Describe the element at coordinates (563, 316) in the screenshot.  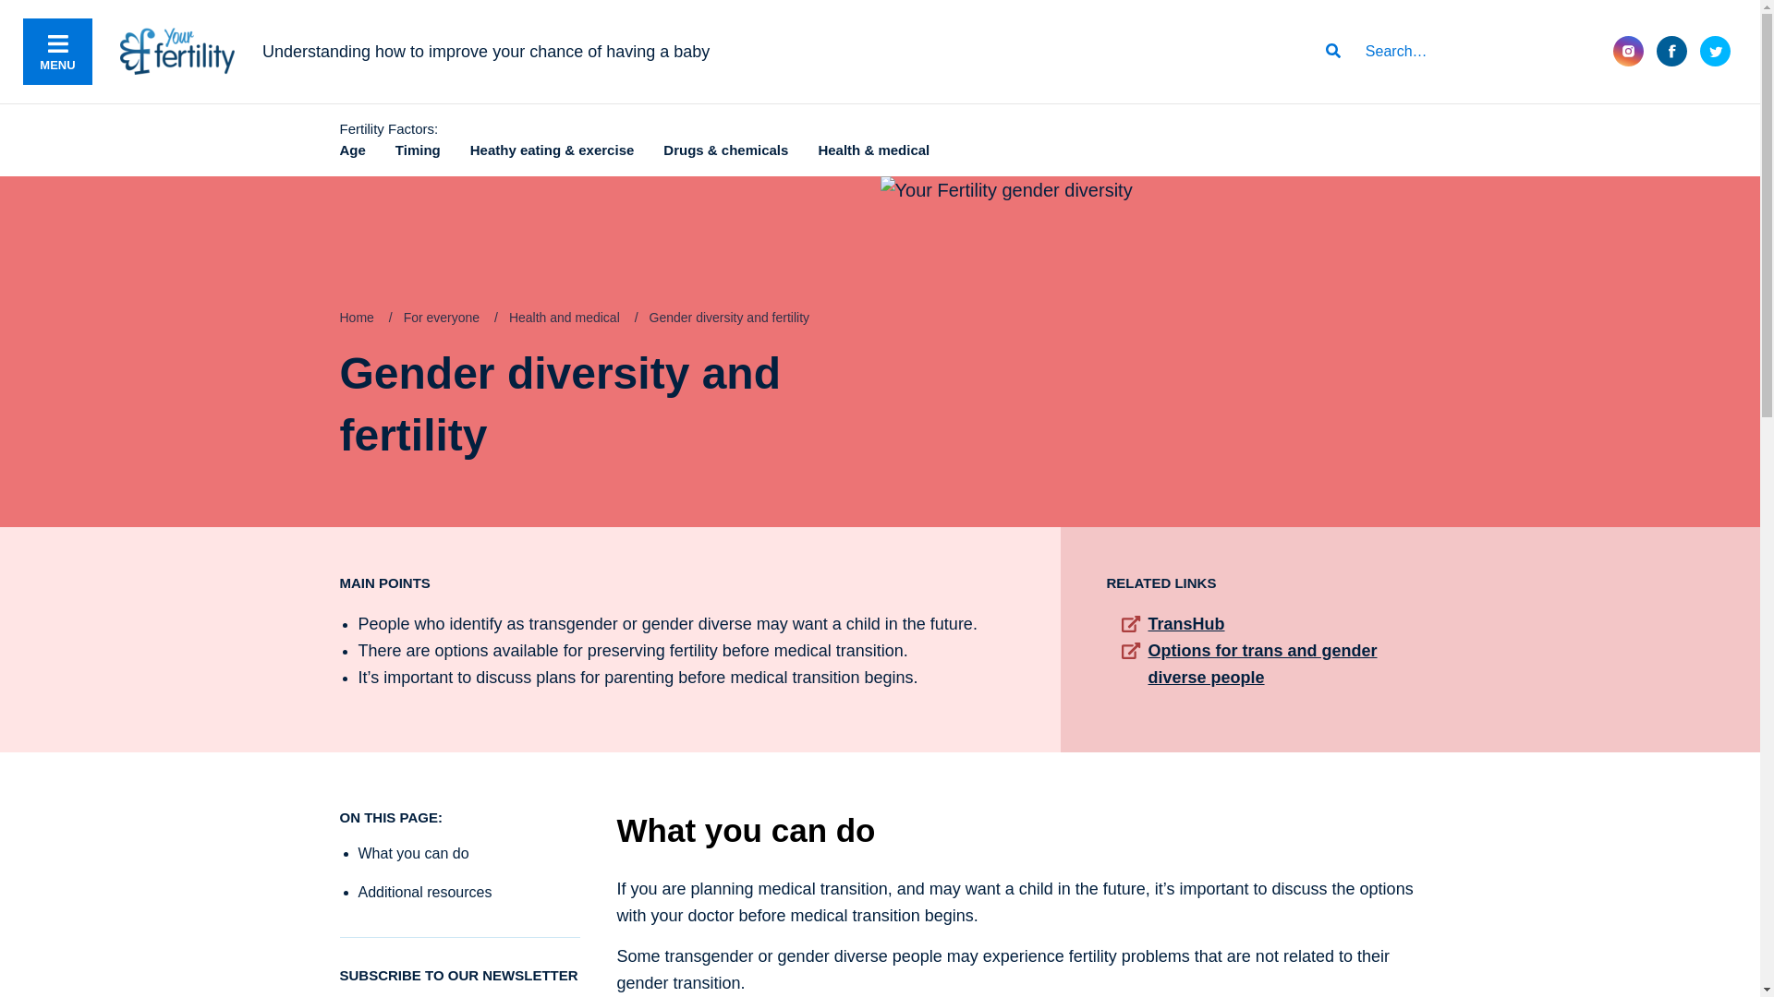
I see `'Health and medical'` at that location.